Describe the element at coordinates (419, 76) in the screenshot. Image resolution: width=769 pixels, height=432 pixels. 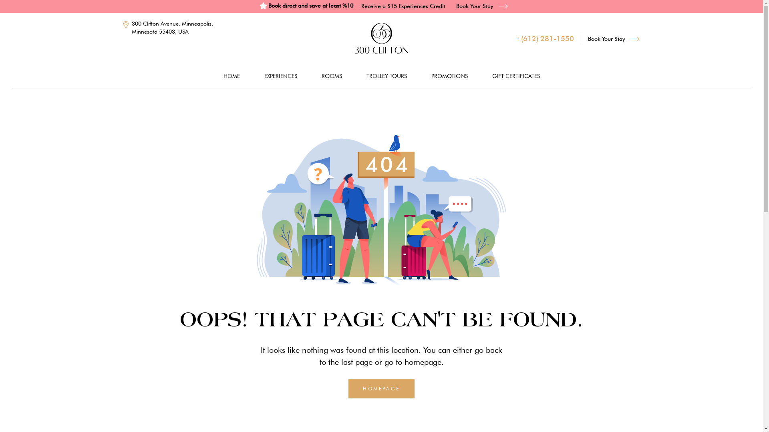
I see `'PROMOTIONS'` at that location.